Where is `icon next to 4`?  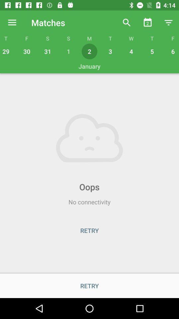
icon next to 4 is located at coordinates (152, 51).